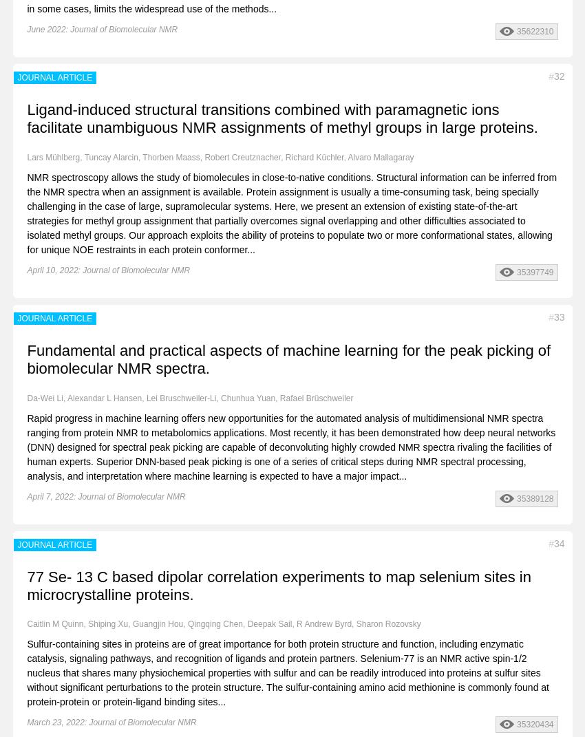 The height and width of the screenshot is (737, 585). What do you see at coordinates (288, 672) in the screenshot?
I see `'Sulfur-containing sites in proteins are of great importance for both protein structure and function, including enzymatic catalysis, signaling pathways, and recognition of ligands and protein partners. Selenium-77 is an NMR active spin-1/2 nucleus that shares many physiochemical properties with sulfur and can be readily introduced into proteins at sulfur sites without significant perturbations to the protein structure. The sulfur-containing amino acid methionine is commonly found at protein-protein or protein-ligand binding sites...'` at bounding box center [288, 672].